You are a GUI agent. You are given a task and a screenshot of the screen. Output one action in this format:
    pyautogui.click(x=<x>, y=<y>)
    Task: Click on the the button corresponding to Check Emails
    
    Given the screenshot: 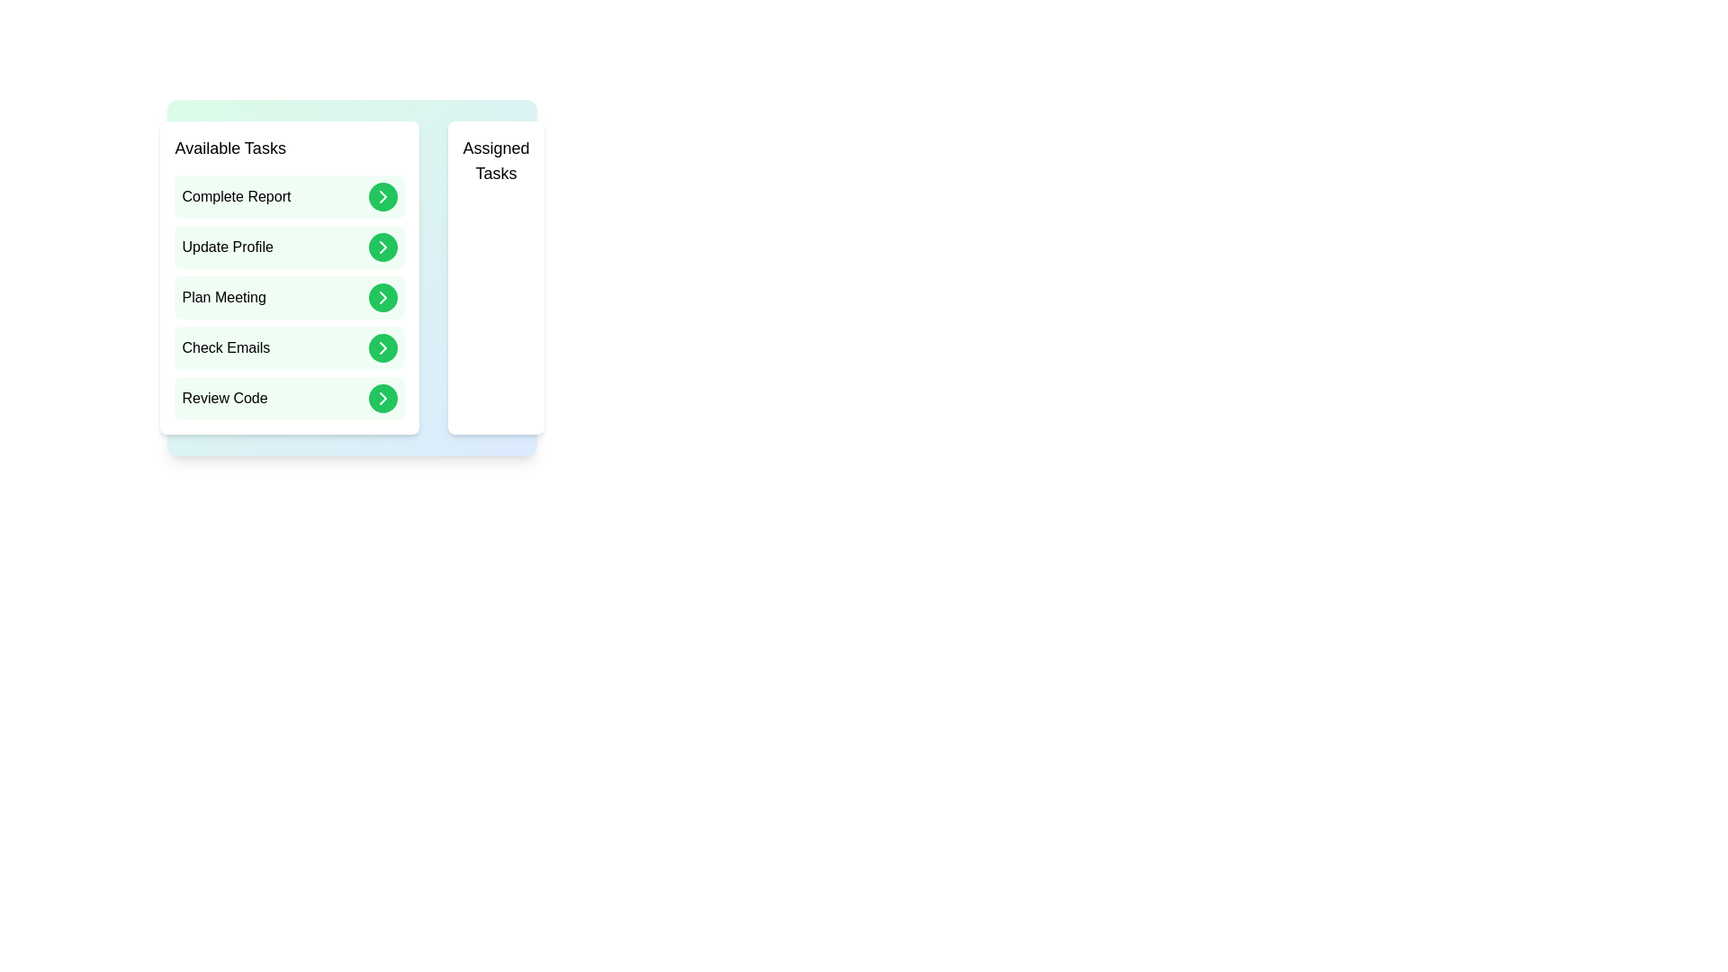 What is the action you would take?
    pyautogui.click(x=382, y=347)
    